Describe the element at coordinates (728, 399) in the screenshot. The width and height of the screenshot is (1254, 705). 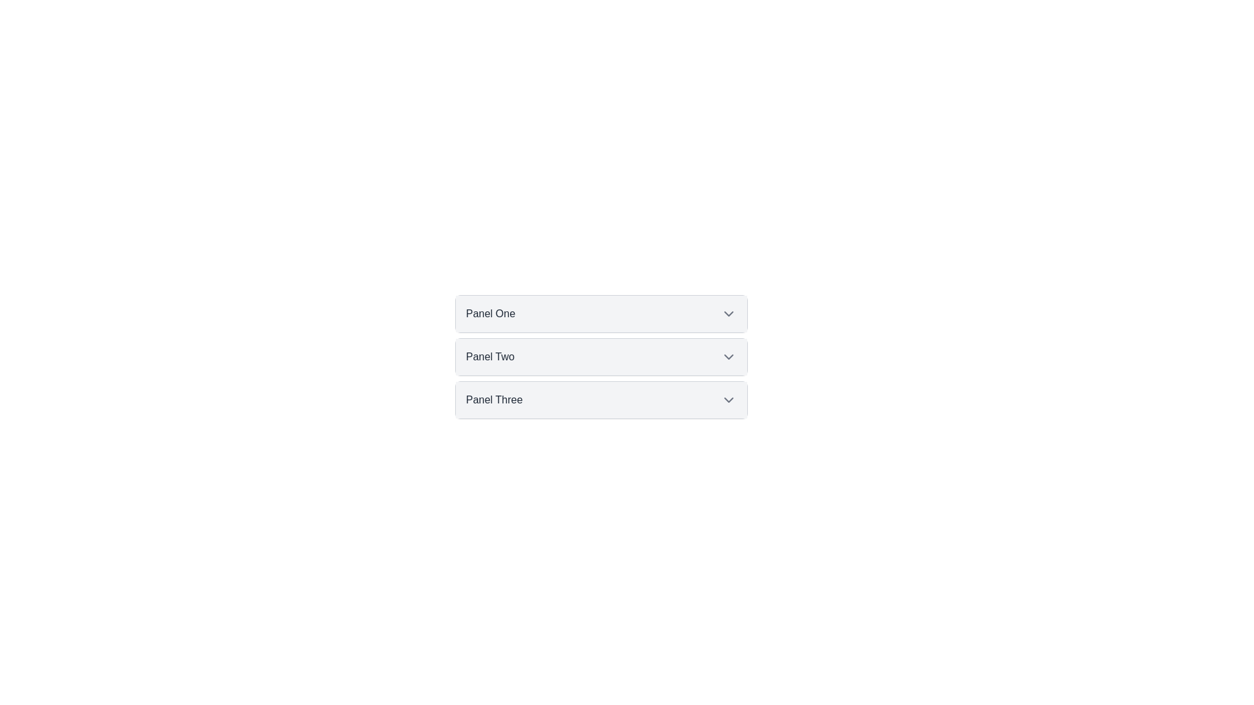
I see `the downward-pointing gray arrow icon on the rightmost side of 'Panel Three'` at that location.